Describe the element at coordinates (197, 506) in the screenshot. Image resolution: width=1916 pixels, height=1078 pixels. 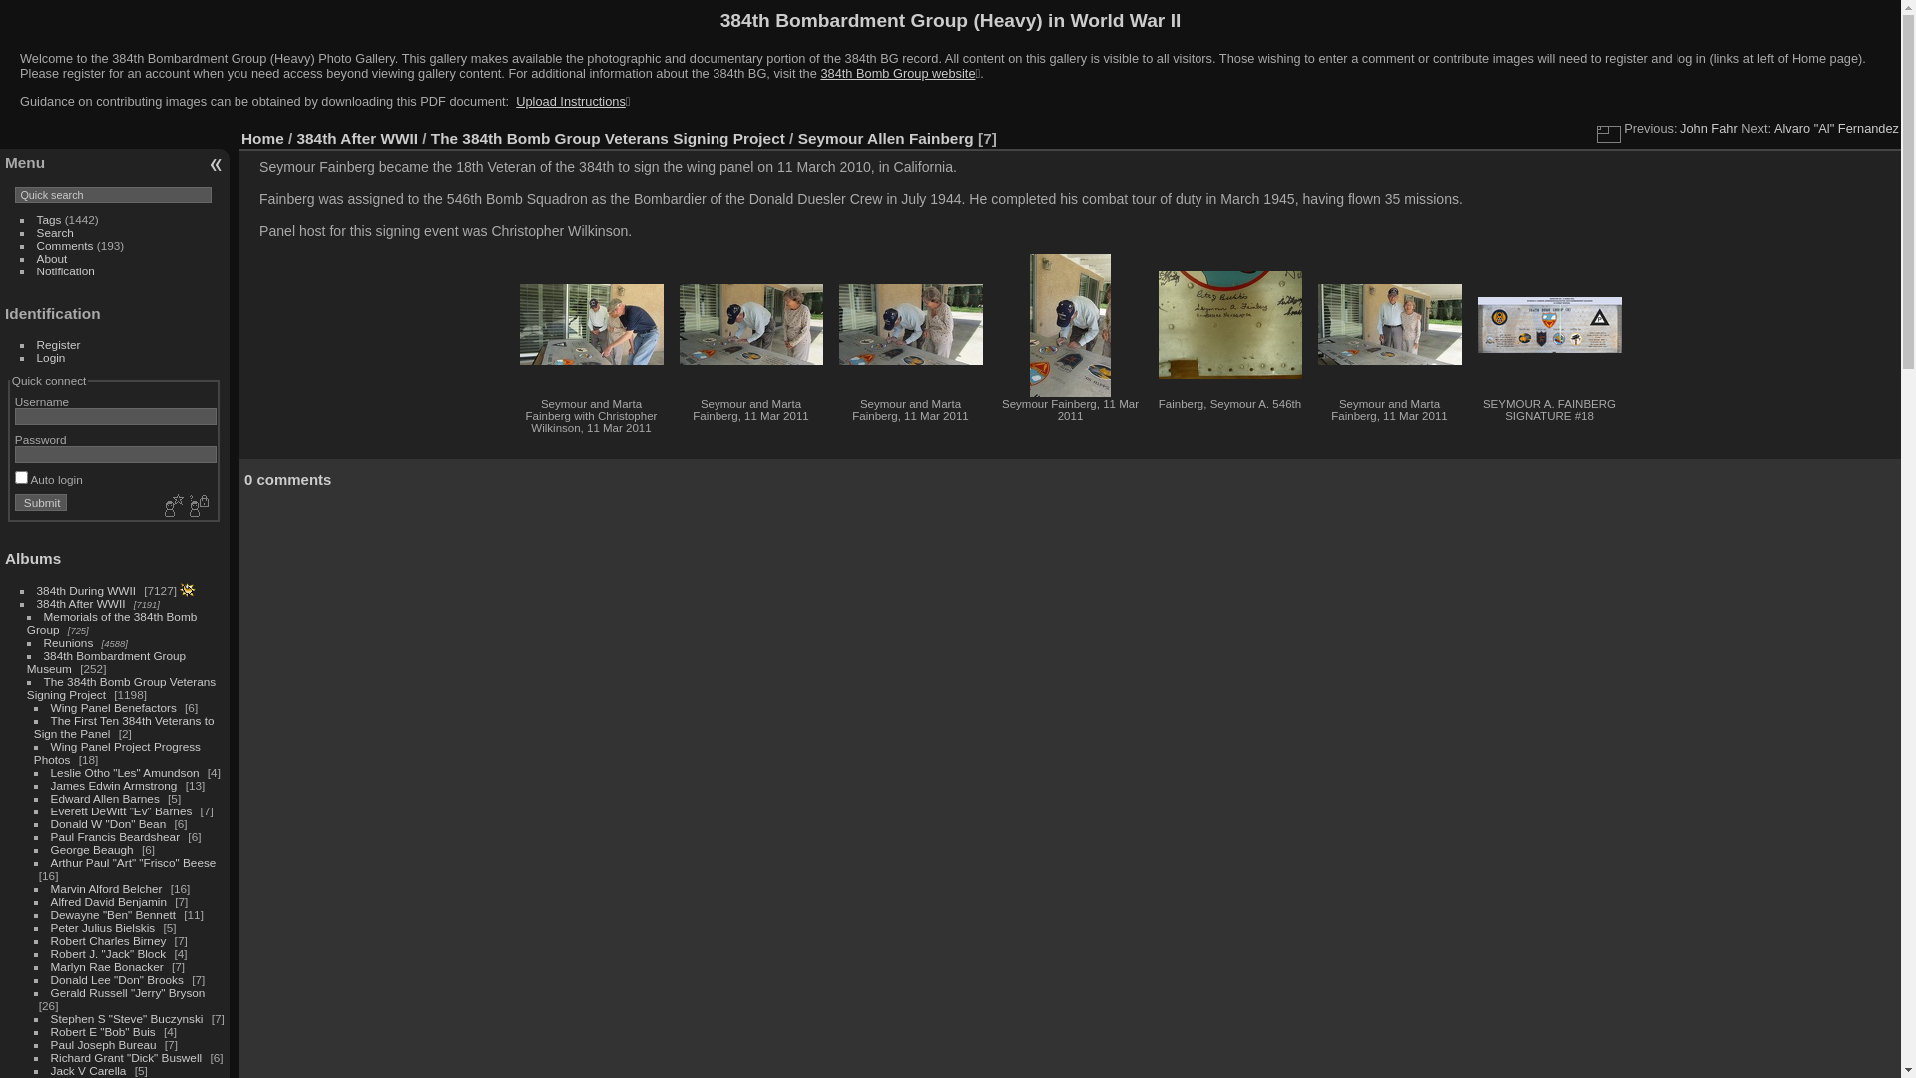
I see `'Forgot your password?'` at that location.